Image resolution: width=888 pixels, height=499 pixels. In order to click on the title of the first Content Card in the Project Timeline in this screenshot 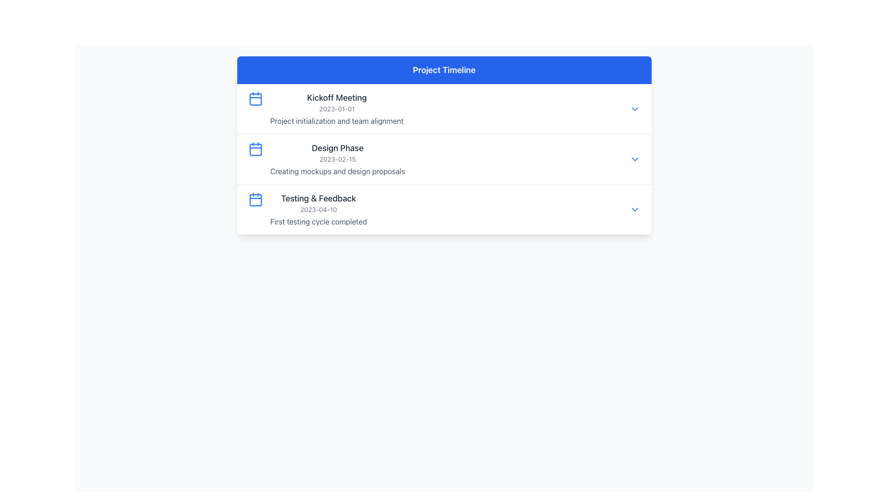, I will do `click(444, 108)`.